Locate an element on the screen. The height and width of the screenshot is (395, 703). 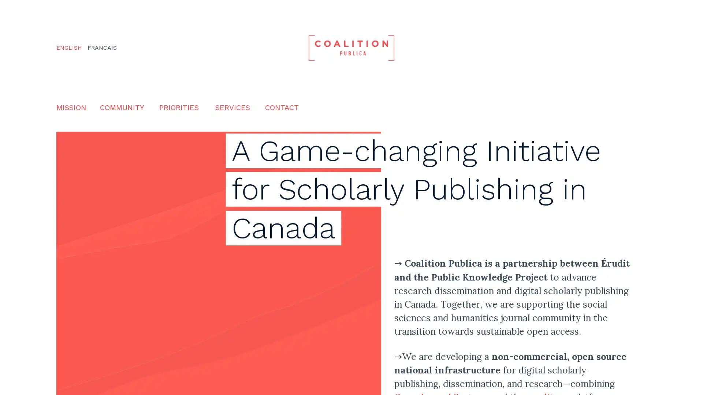
SERVICES is located at coordinates (232, 107).